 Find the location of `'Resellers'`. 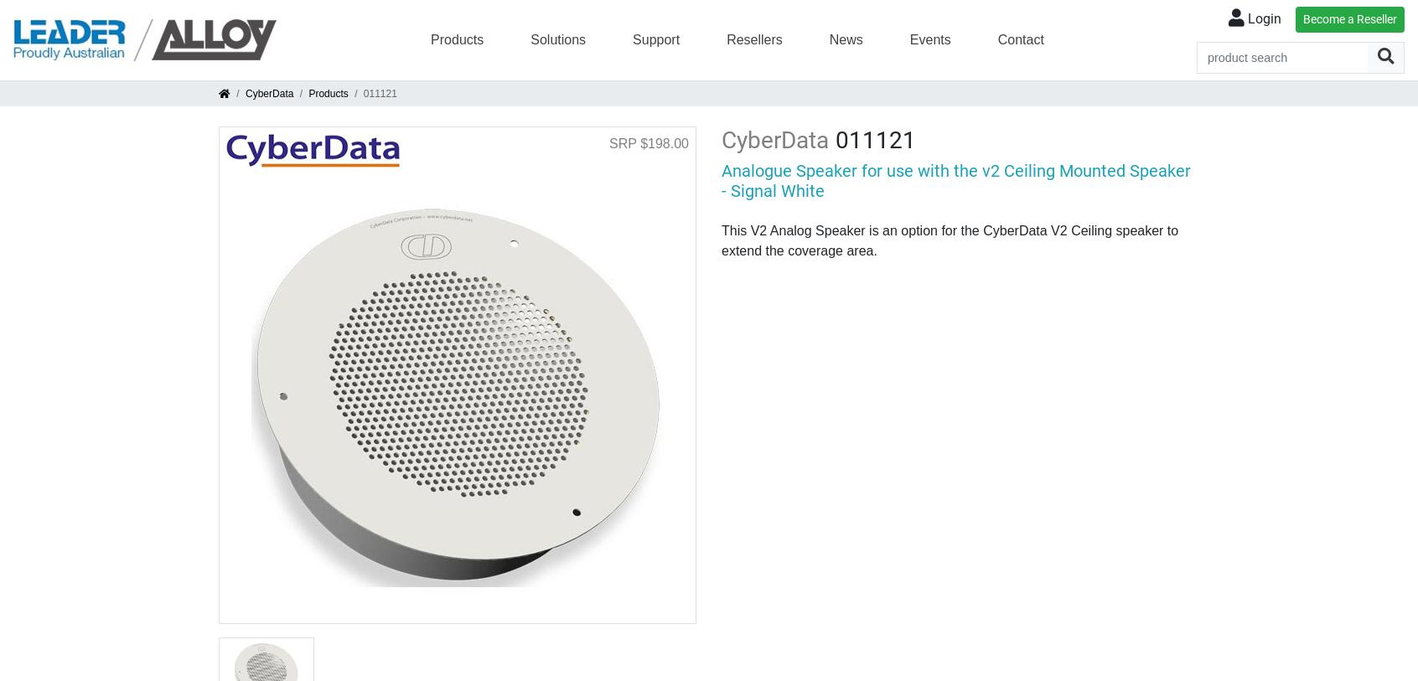

'Resellers' is located at coordinates (725, 38).